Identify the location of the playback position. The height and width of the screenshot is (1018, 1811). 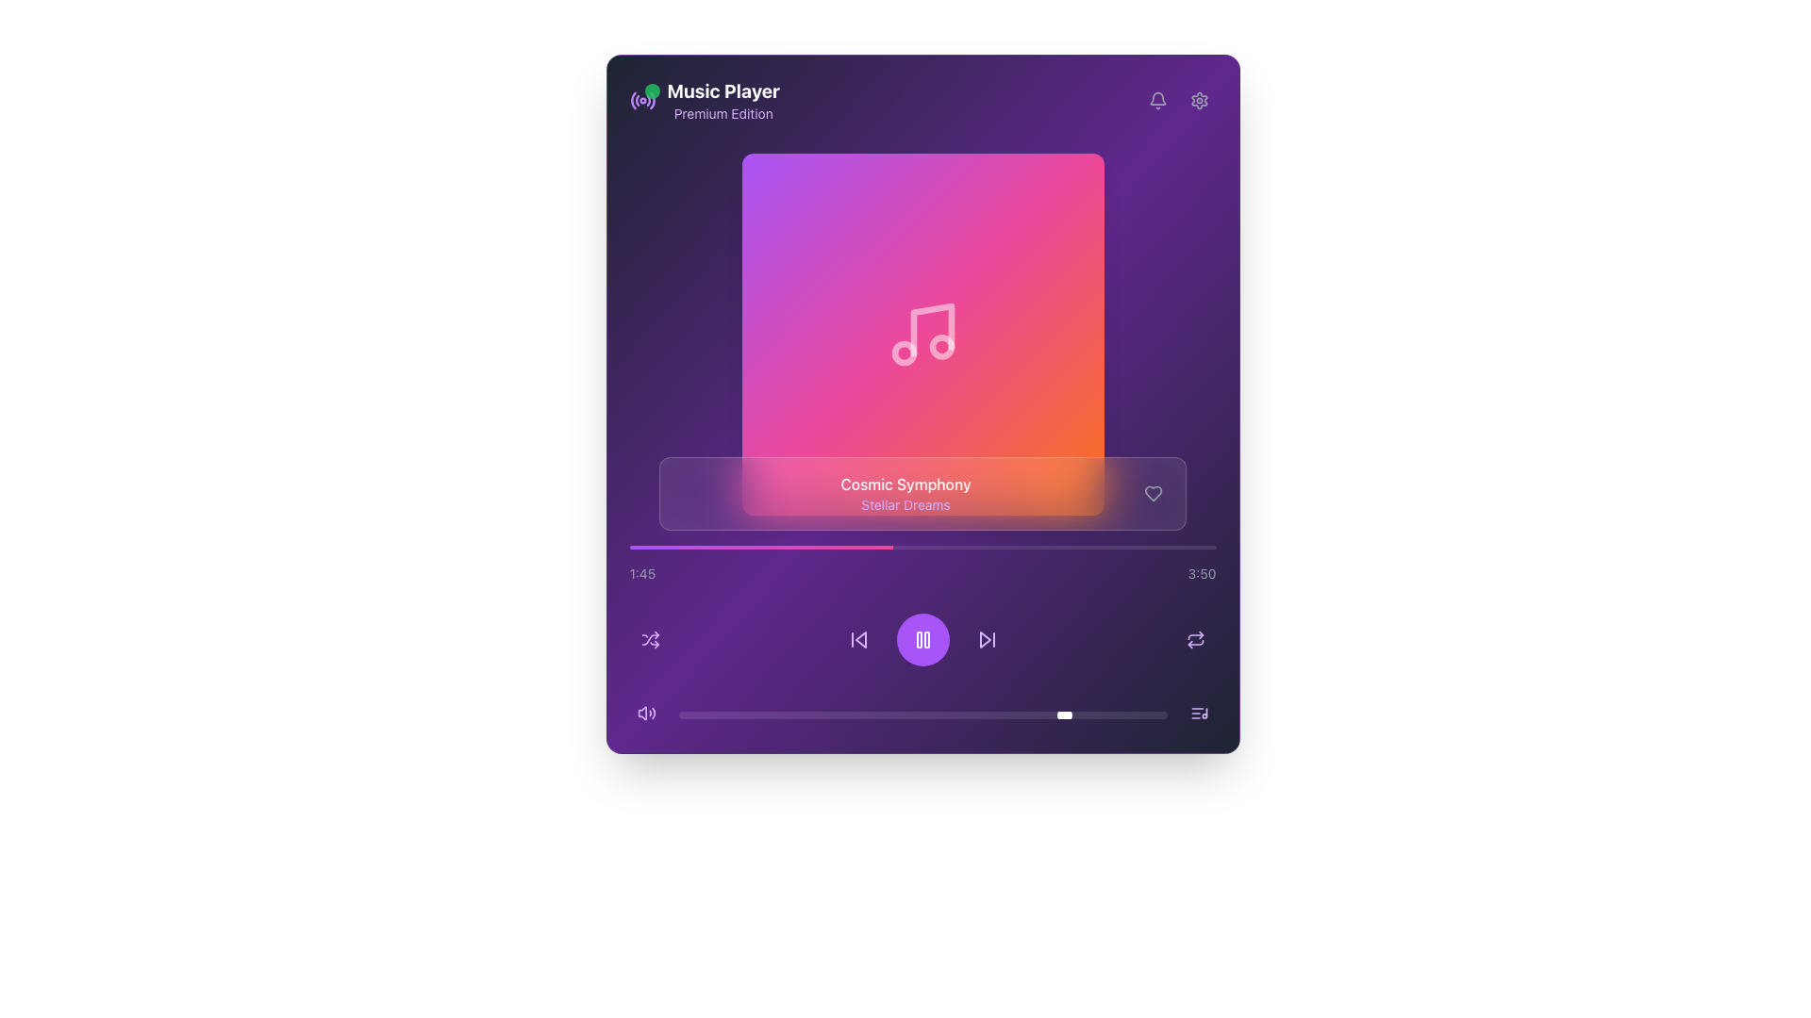
(940, 548).